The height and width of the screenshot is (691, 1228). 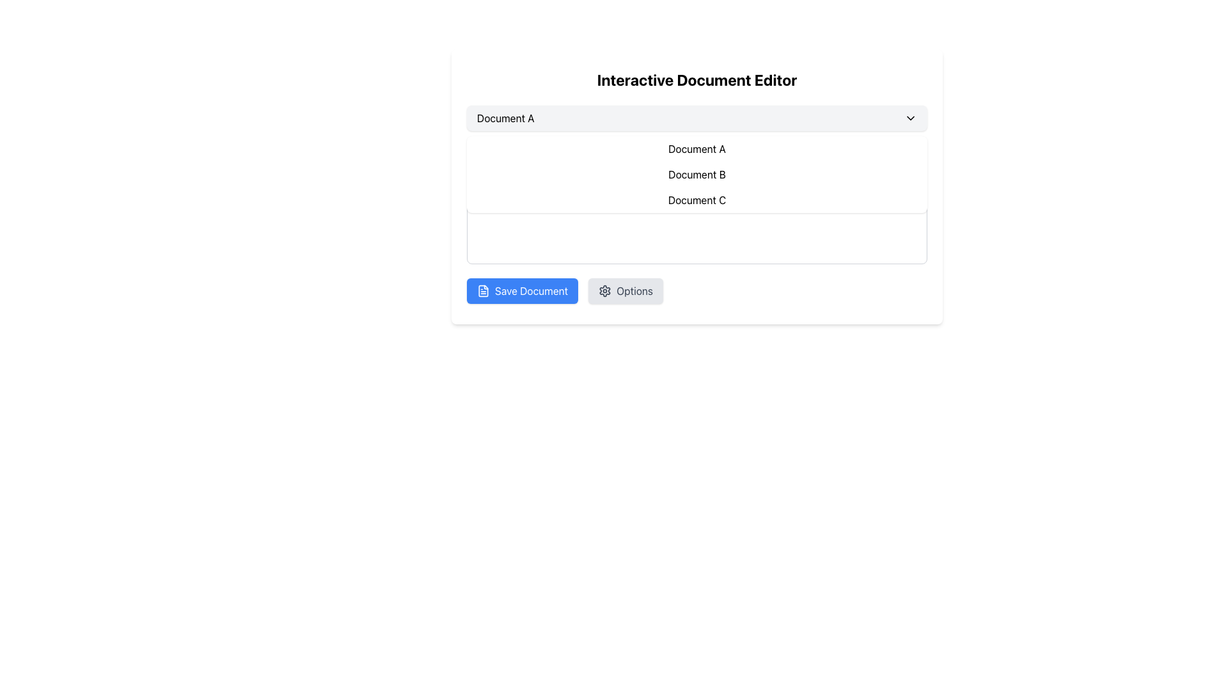 What do you see at coordinates (696, 148) in the screenshot?
I see `the first item in the dropdown menu directly below the 'Document A' trigger bar` at bounding box center [696, 148].